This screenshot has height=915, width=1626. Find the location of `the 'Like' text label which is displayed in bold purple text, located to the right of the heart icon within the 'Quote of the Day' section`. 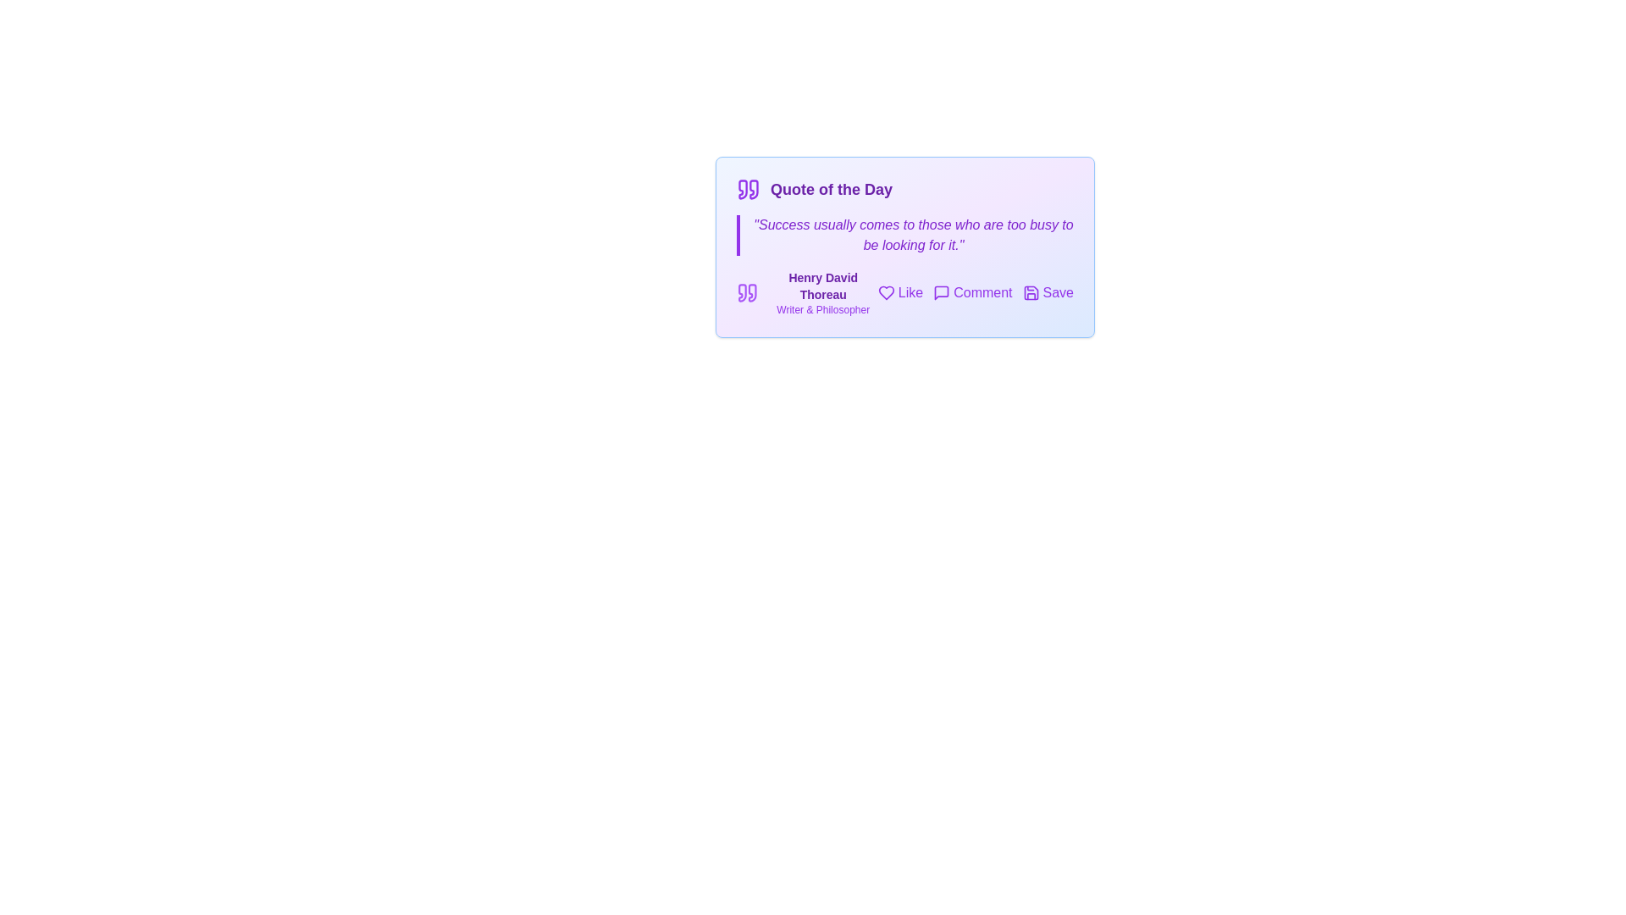

the 'Like' text label which is displayed in bold purple text, located to the right of the heart icon within the 'Quote of the Day' section is located at coordinates (910, 292).